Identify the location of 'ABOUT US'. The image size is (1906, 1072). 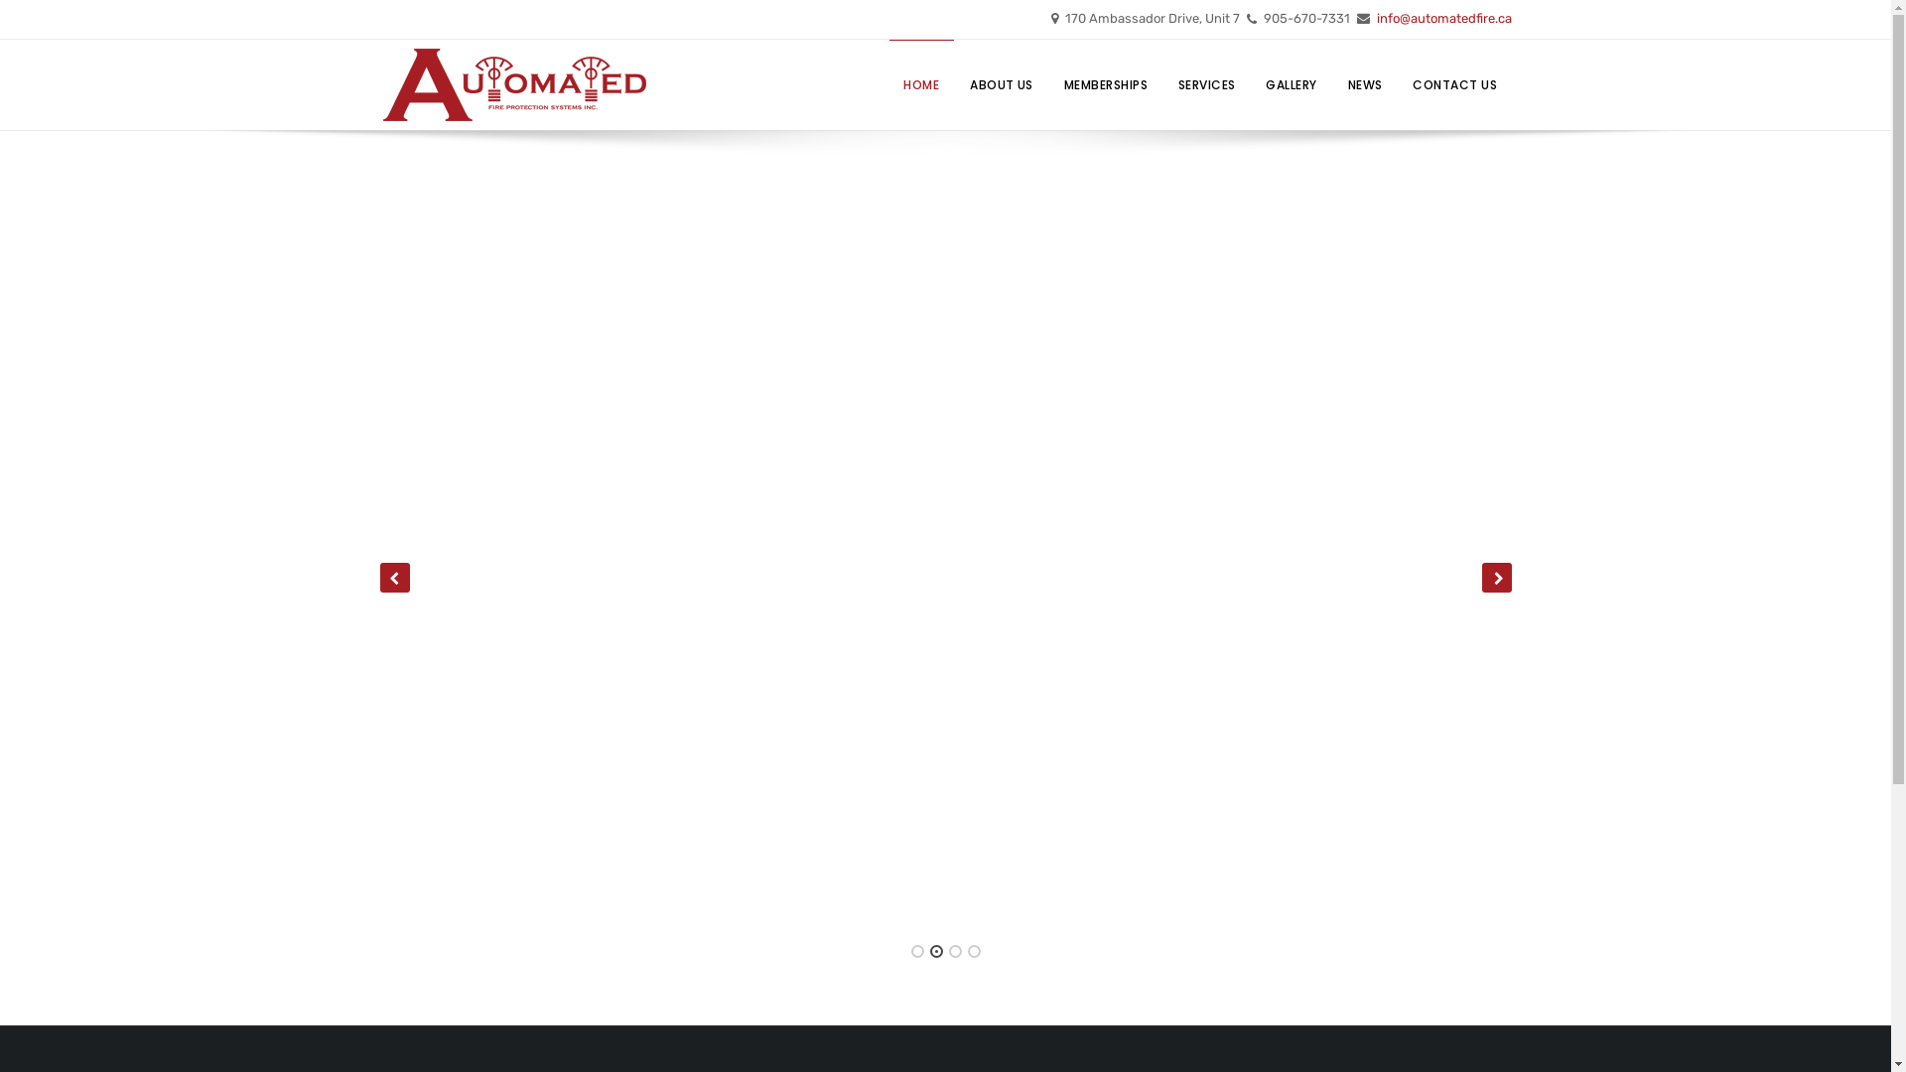
(1002, 83).